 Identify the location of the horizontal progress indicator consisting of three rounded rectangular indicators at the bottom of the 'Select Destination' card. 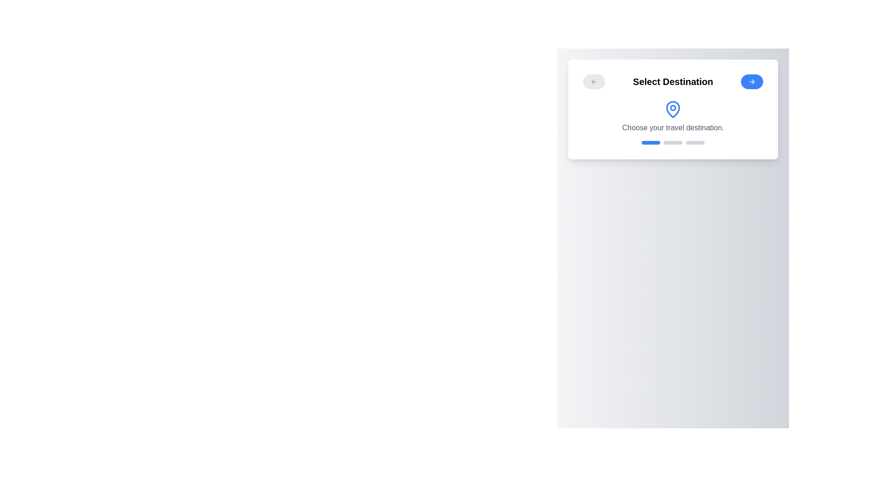
(673, 142).